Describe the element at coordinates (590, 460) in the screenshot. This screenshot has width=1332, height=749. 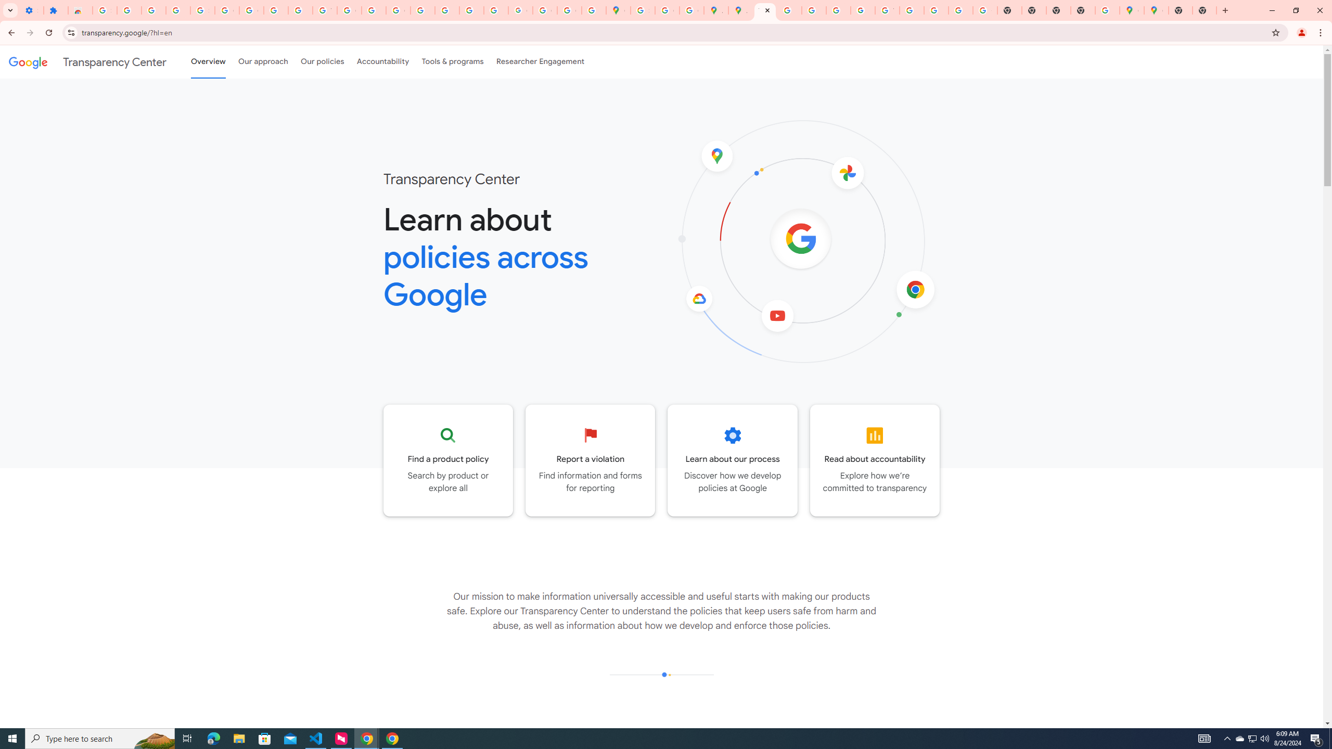
I see `'Go to the Reporting and appeals page'` at that location.